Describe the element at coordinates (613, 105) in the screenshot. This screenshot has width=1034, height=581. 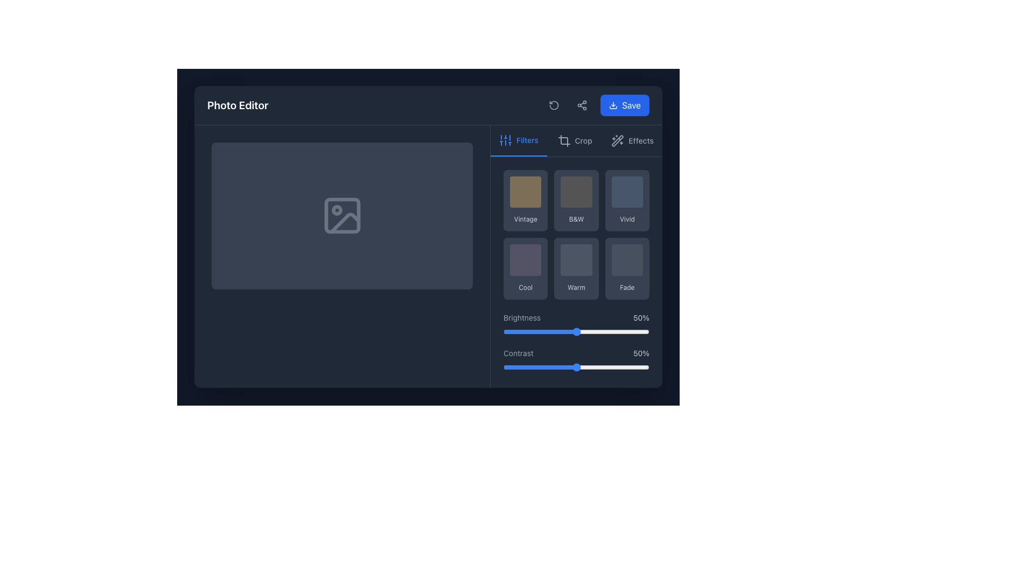
I see `the 'Save' button located at the top-right side of the interface, which includes a downward arrow icon as part of its design` at that location.